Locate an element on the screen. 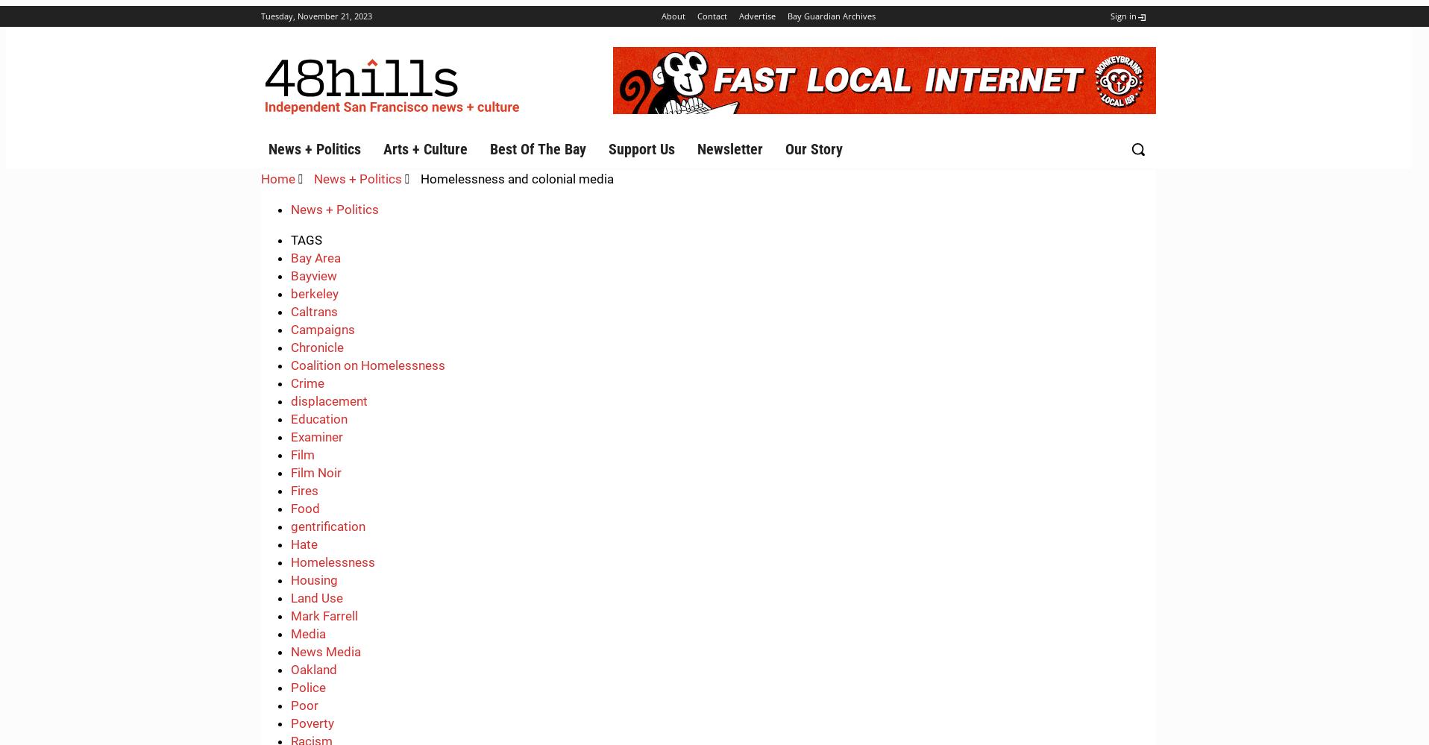 Image resolution: width=1429 pixels, height=745 pixels. 'Crime' is located at coordinates (307, 382).